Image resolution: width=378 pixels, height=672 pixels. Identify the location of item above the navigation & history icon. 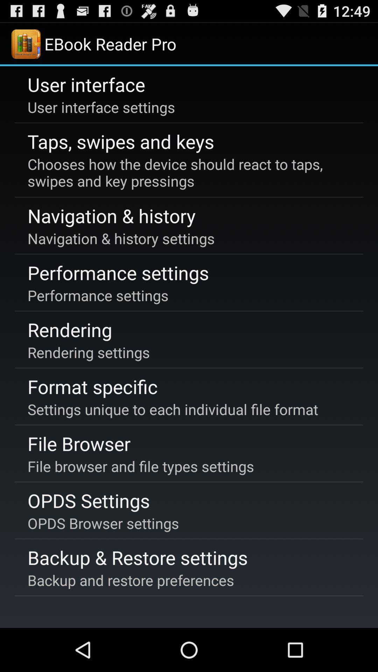
(188, 173).